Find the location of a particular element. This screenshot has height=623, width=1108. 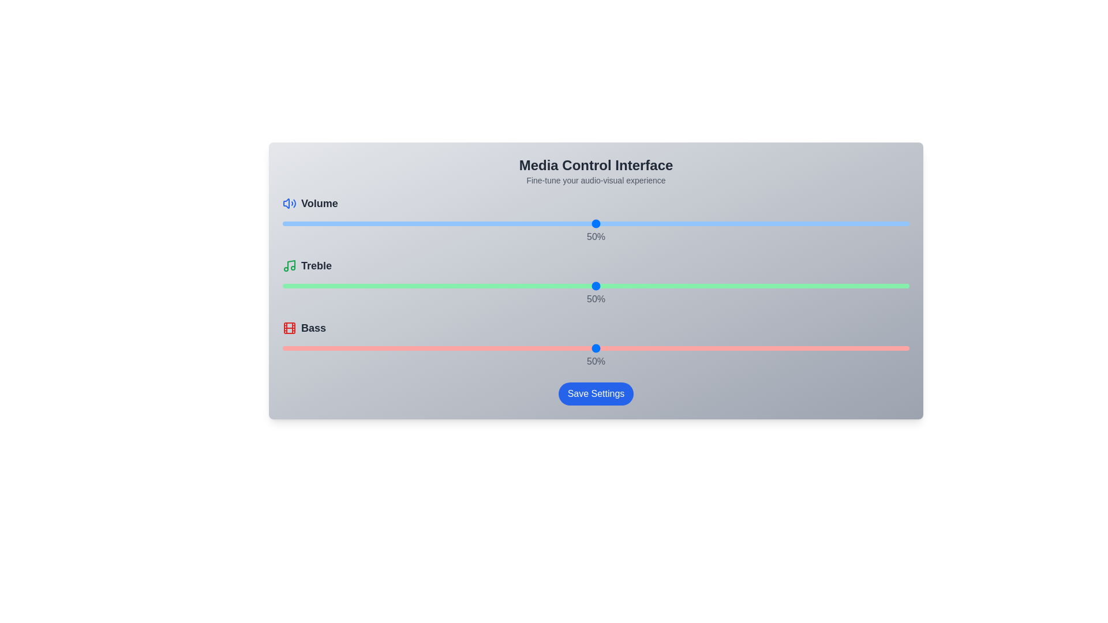

the static text label displaying '50%' in gray color, located at the bottom of the 'Treble' section is located at coordinates (596, 299).